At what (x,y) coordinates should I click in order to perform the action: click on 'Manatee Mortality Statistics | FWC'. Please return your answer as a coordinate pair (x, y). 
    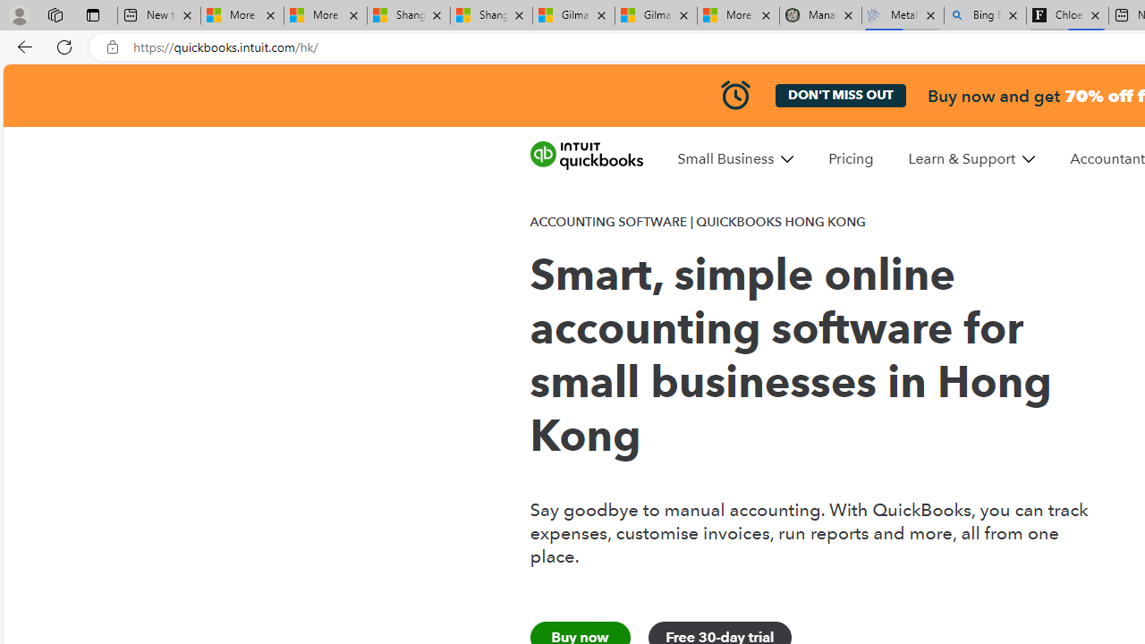
    Looking at the image, I should click on (819, 15).